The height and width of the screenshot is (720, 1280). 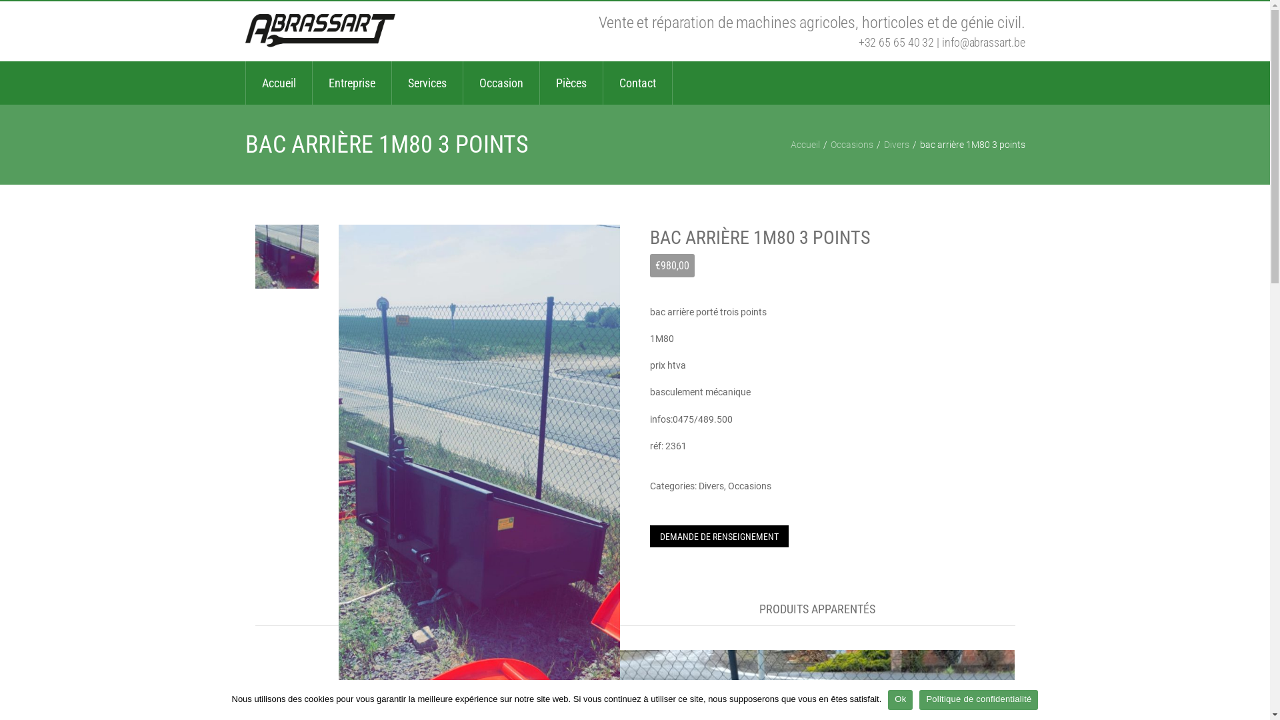 I want to click on '+32 65 65 40 32', so click(x=896, y=41).